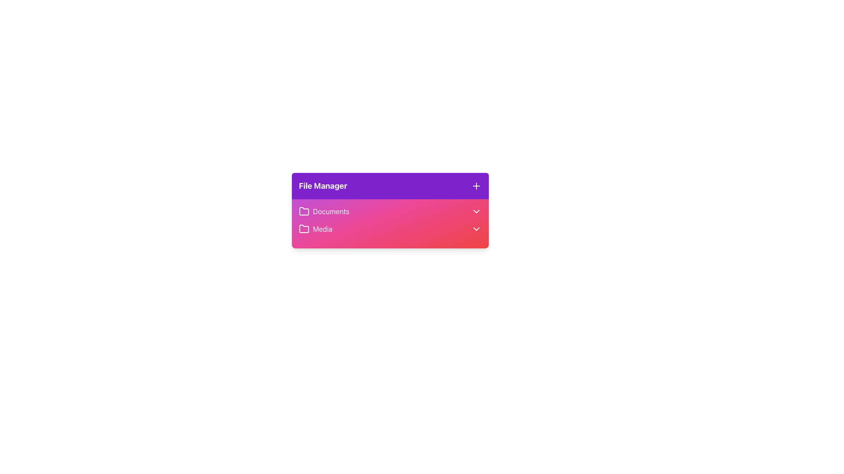  I want to click on the 'Documents' text label, so click(331, 212).